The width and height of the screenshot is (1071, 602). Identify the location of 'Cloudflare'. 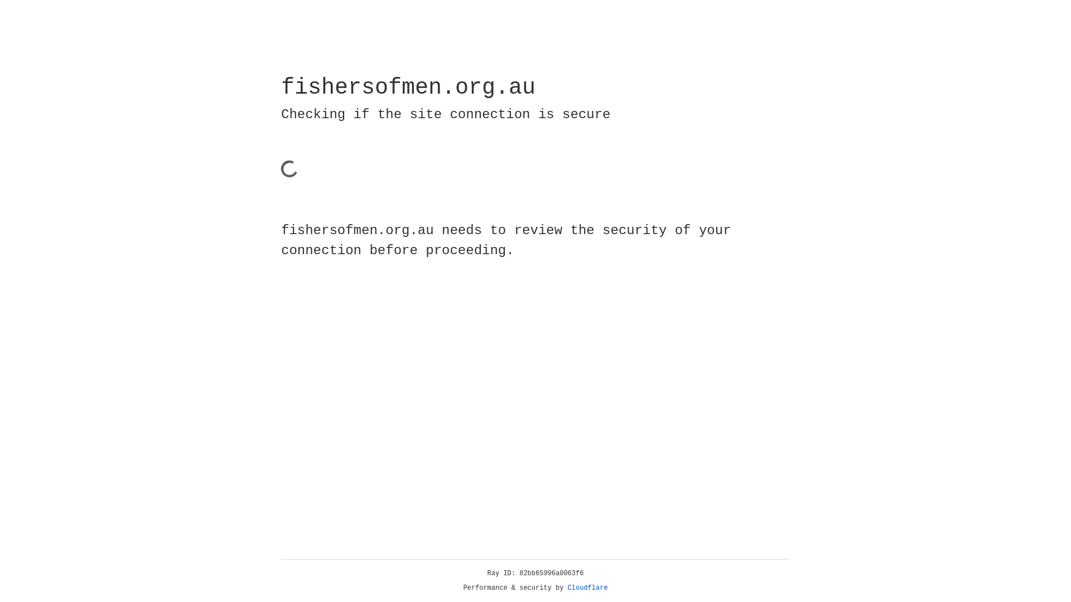
(587, 588).